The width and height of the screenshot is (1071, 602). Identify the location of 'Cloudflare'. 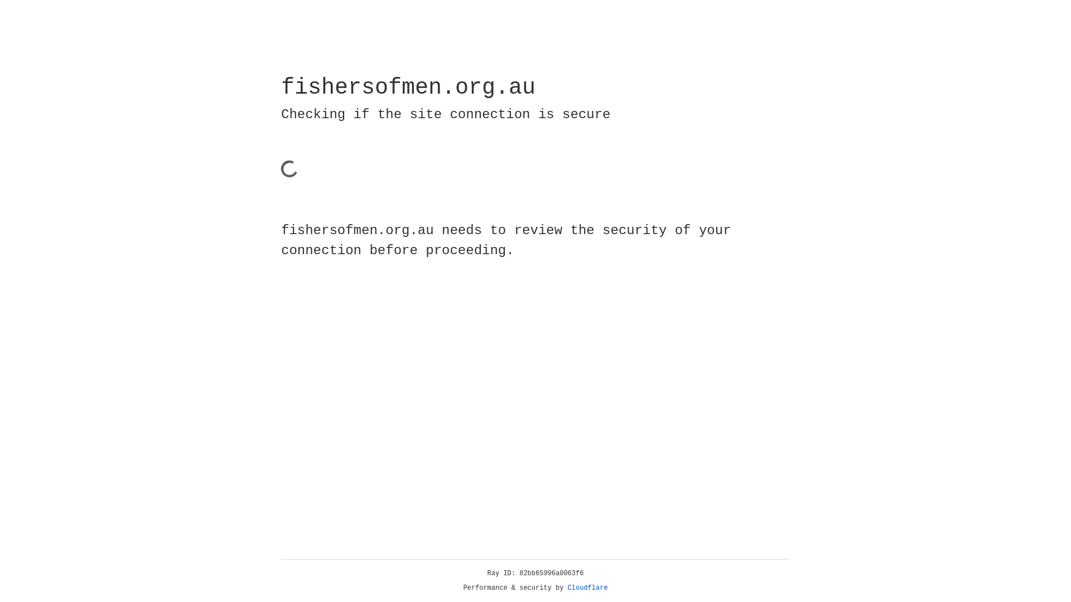
(587, 588).